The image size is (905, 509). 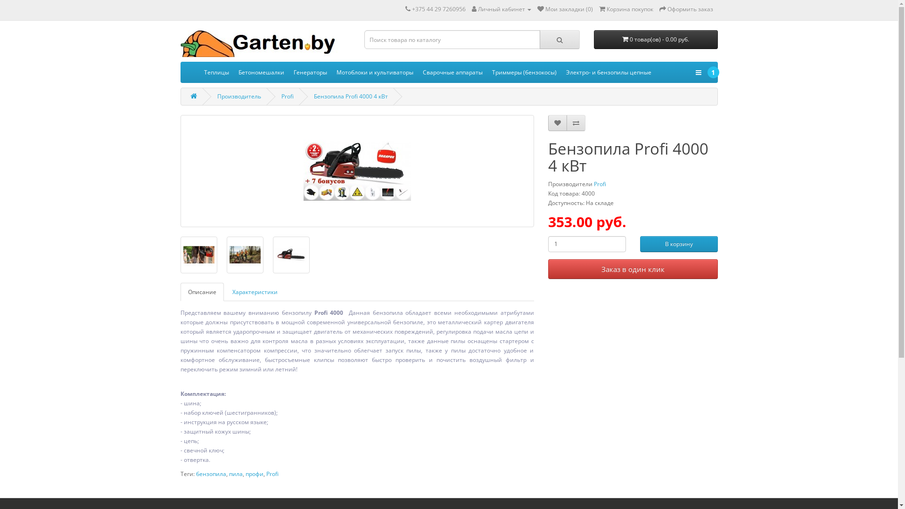 What do you see at coordinates (599, 184) in the screenshot?
I see `'Profi'` at bounding box center [599, 184].